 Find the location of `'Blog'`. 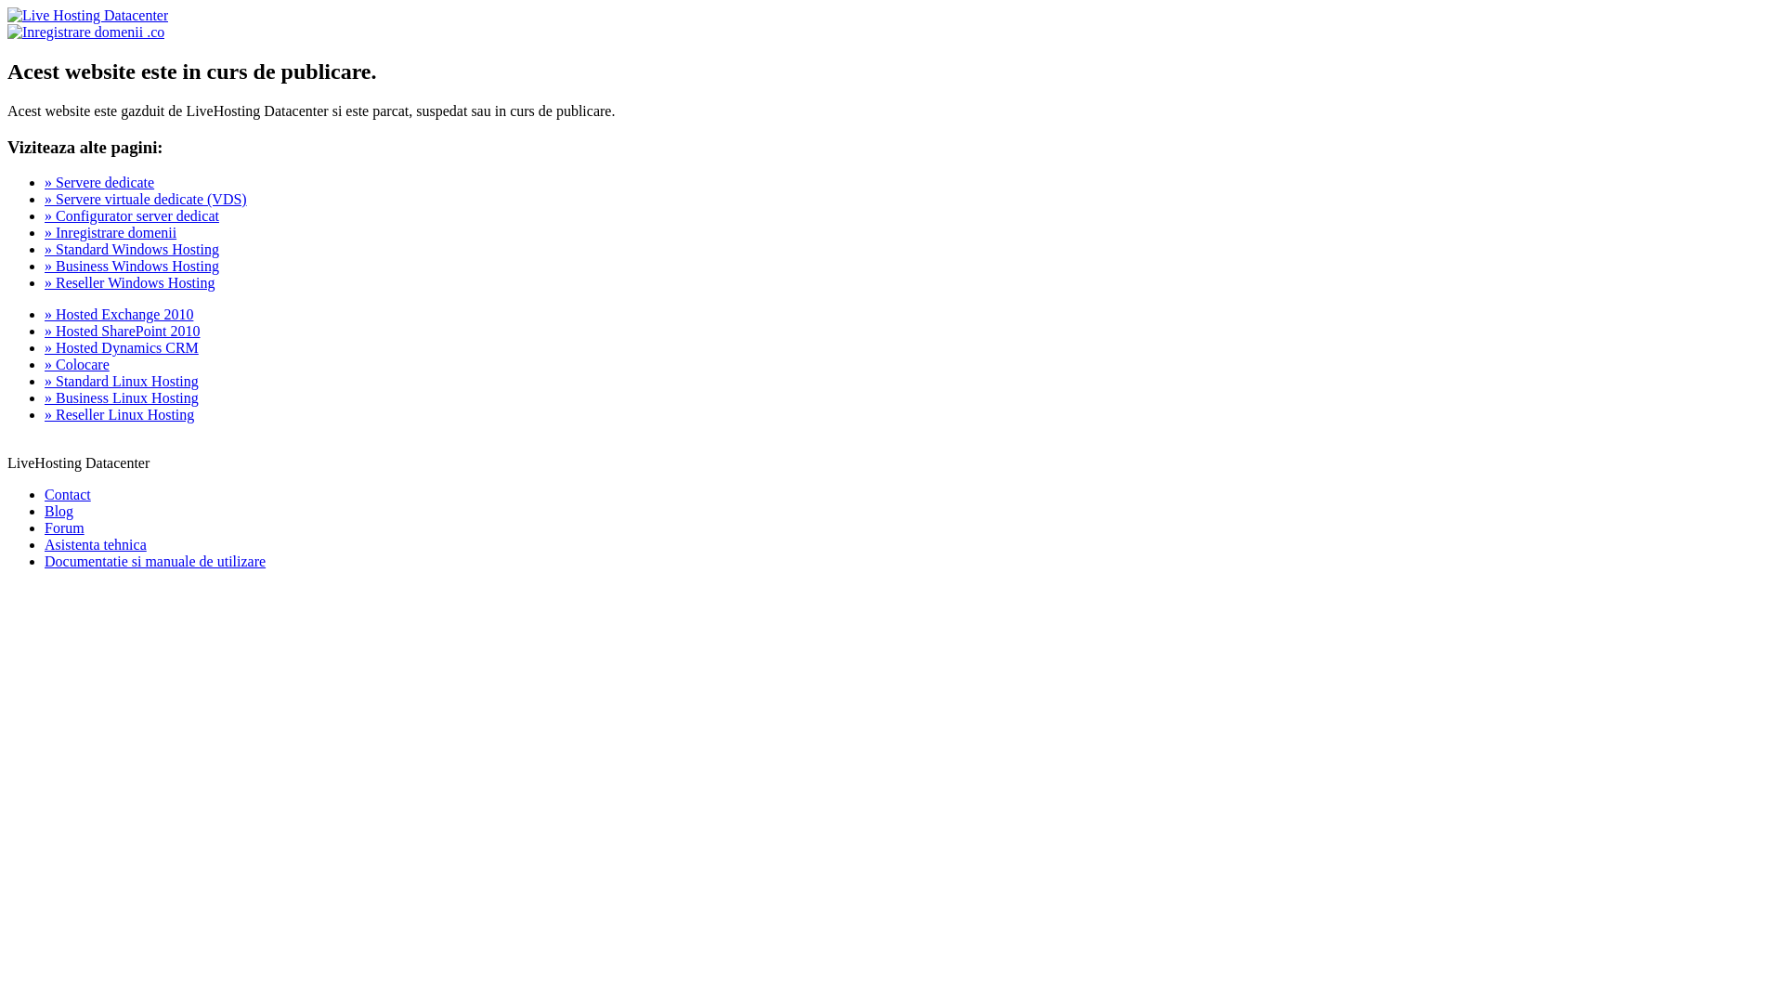

'Blog' is located at coordinates (59, 511).